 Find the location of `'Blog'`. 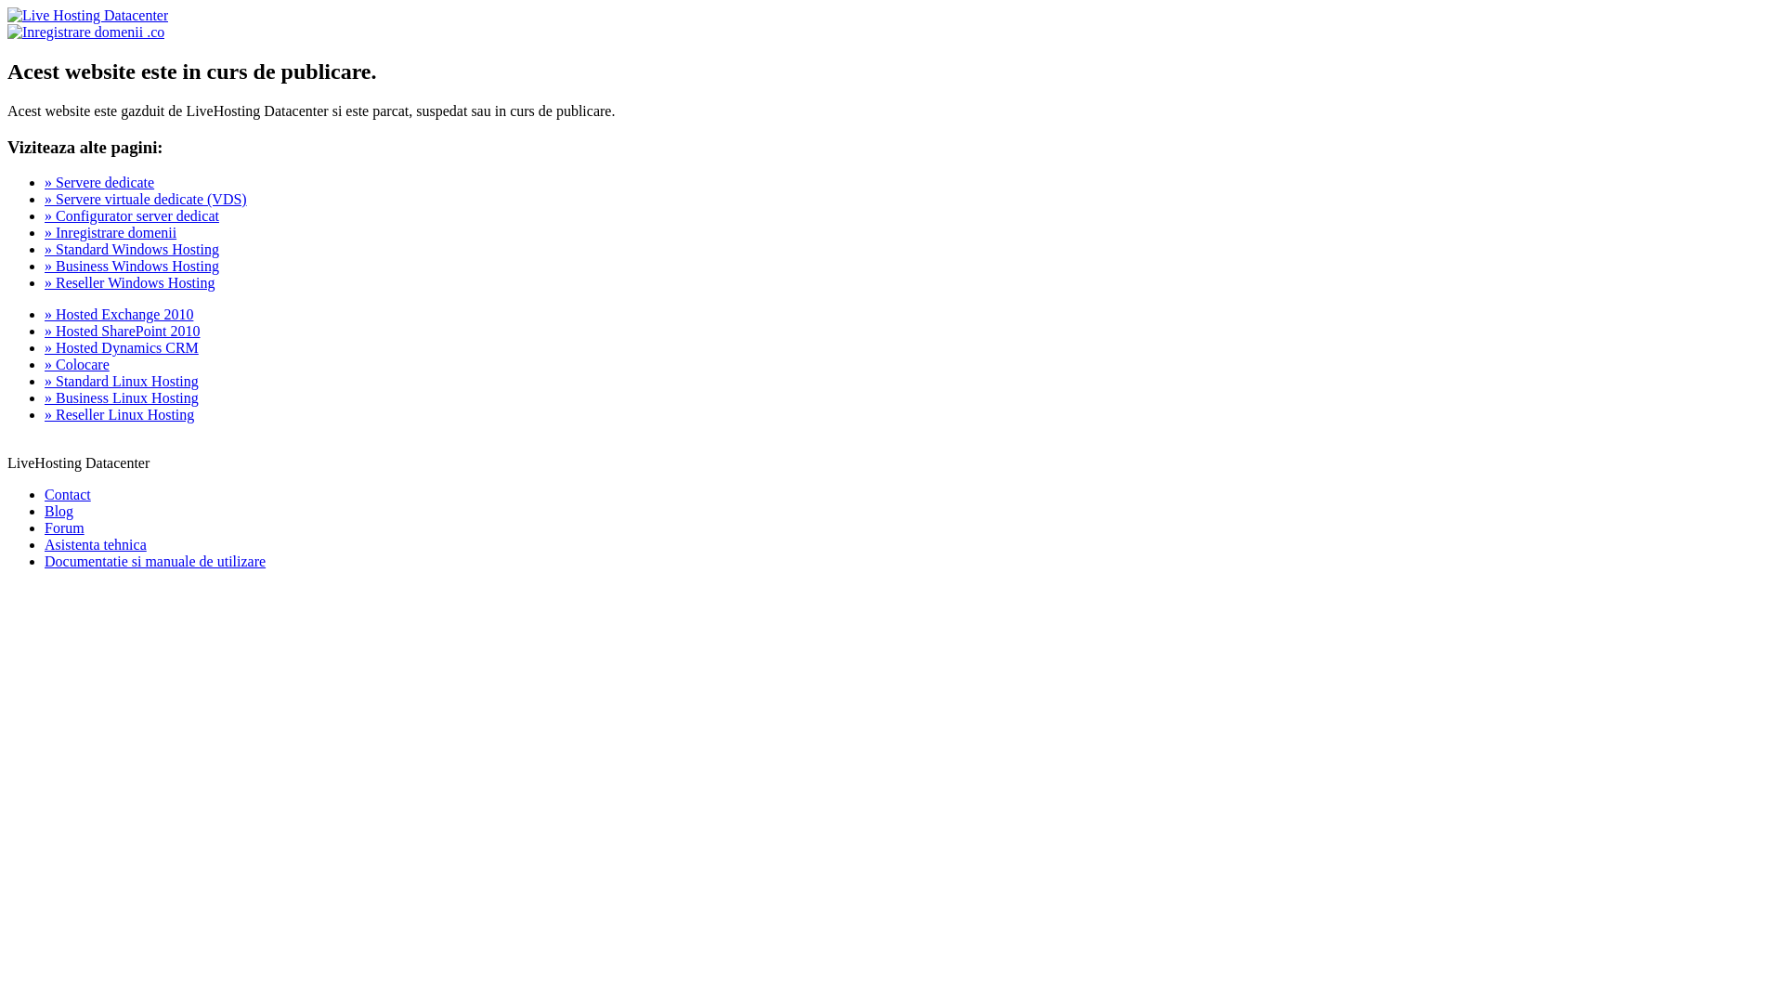

'Blog' is located at coordinates (59, 511).